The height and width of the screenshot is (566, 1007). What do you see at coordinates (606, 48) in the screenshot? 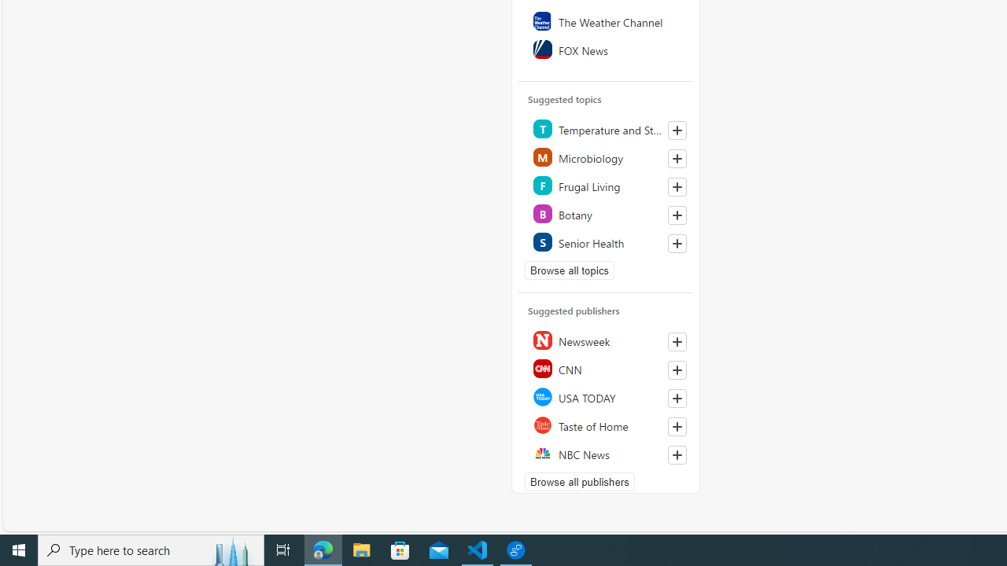
I see `'FOX News'` at bounding box center [606, 48].